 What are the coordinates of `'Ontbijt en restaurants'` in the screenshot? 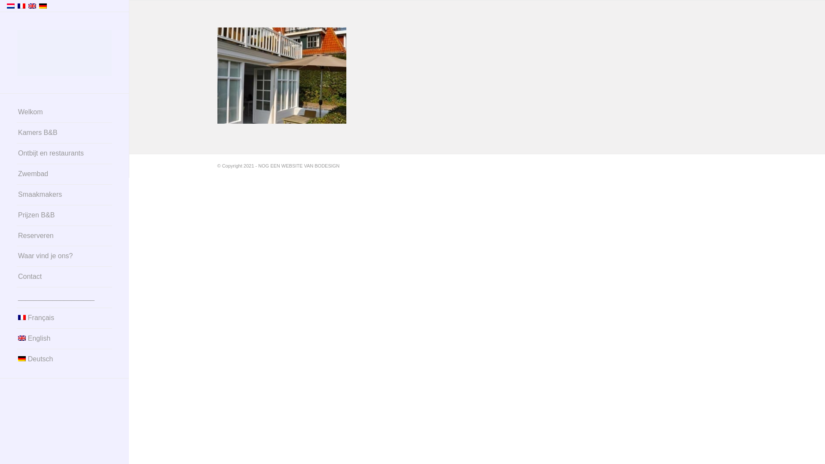 It's located at (64, 153).